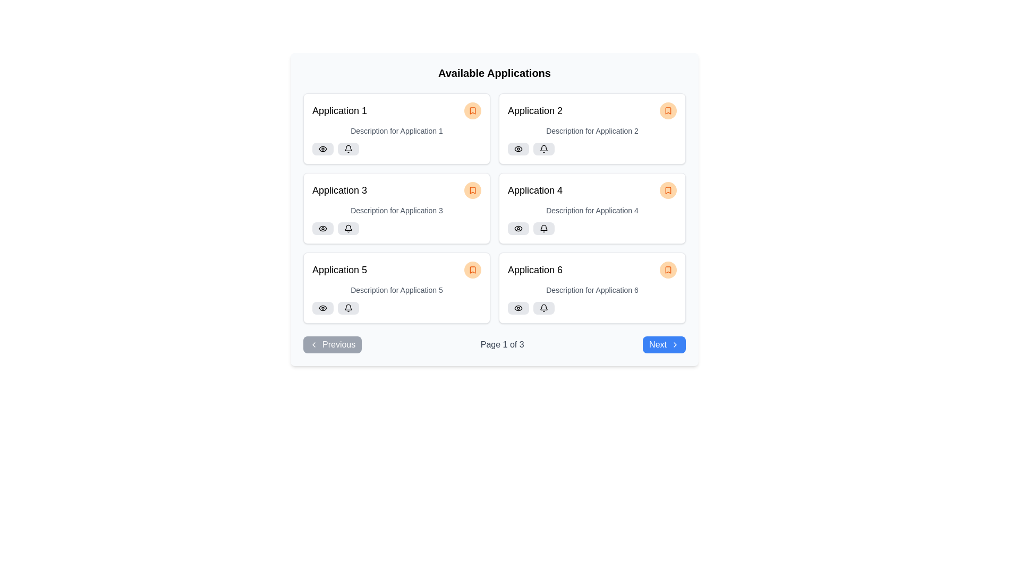 This screenshot has height=573, width=1020. What do you see at coordinates (591, 128) in the screenshot?
I see `the informational card for 'Application 2'` at bounding box center [591, 128].